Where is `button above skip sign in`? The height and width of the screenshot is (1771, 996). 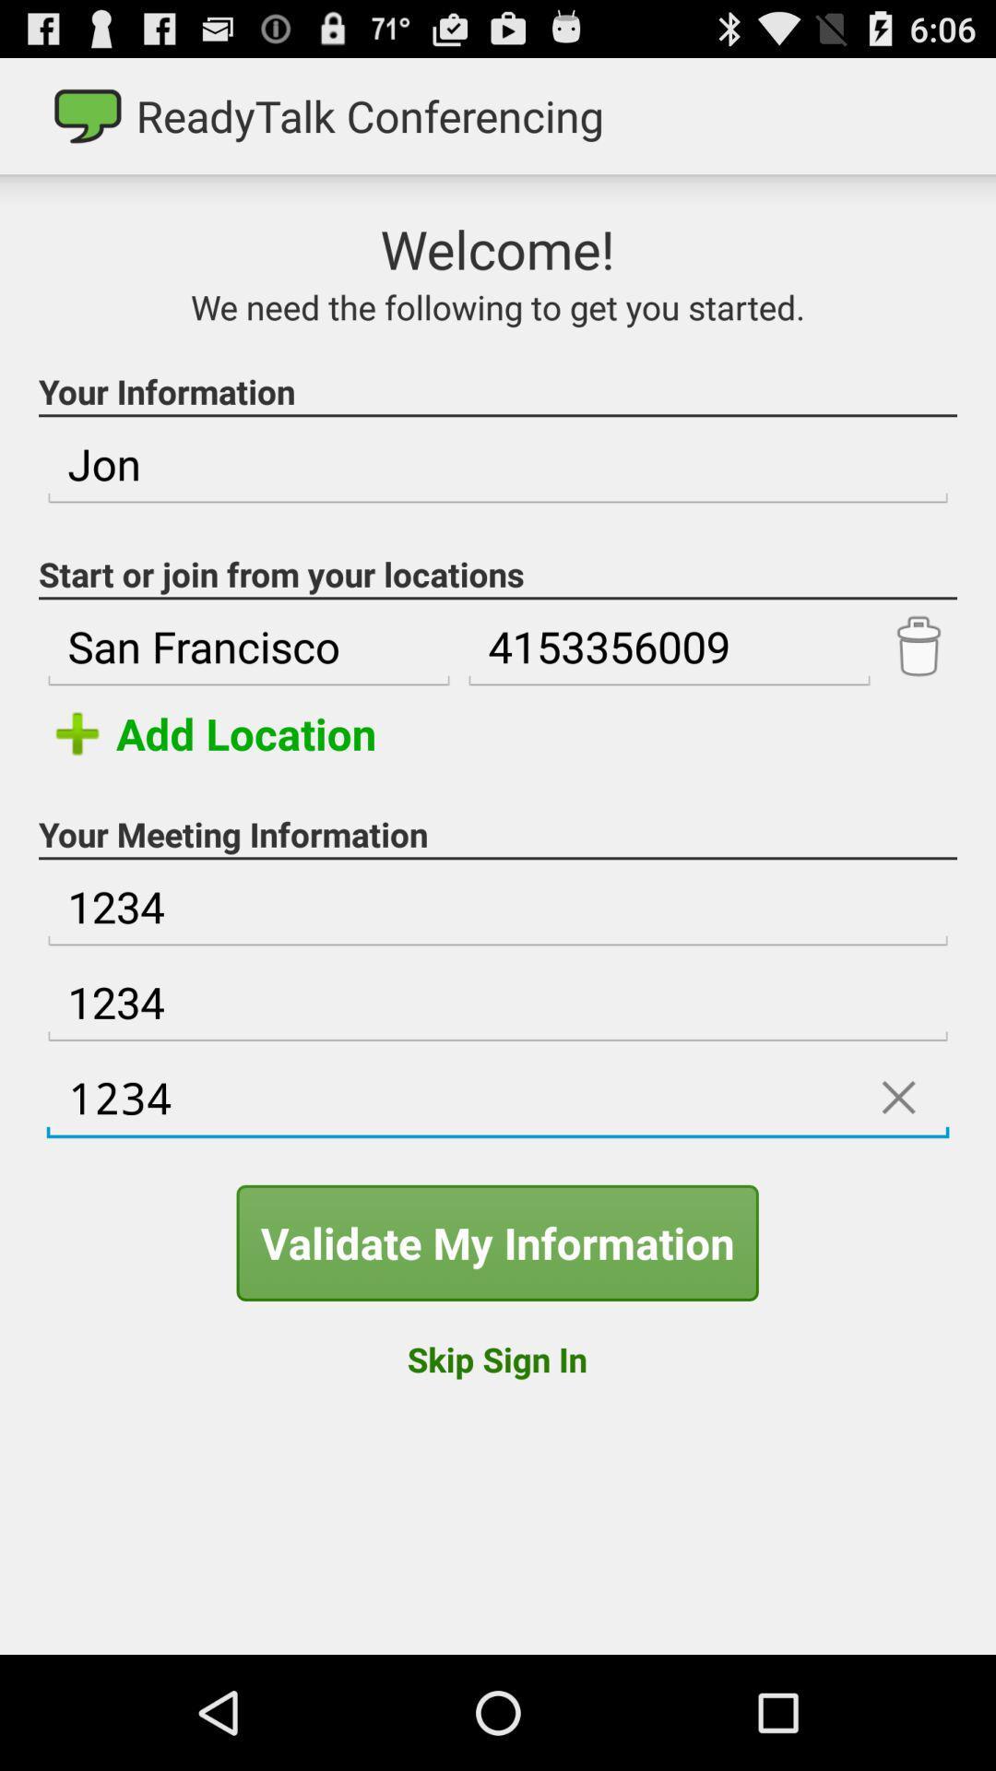 button above skip sign in is located at coordinates (496, 1242).